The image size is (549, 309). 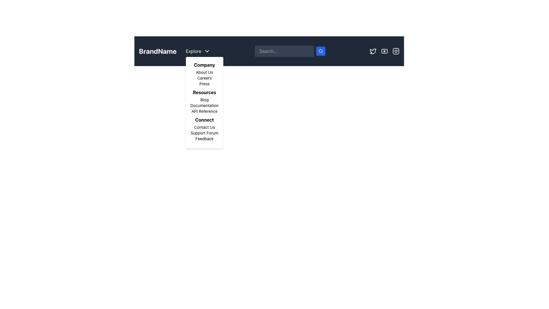 What do you see at coordinates (269, 51) in the screenshot?
I see `the Search Input Field located centrally in the header bar to focus the input for searching` at bounding box center [269, 51].